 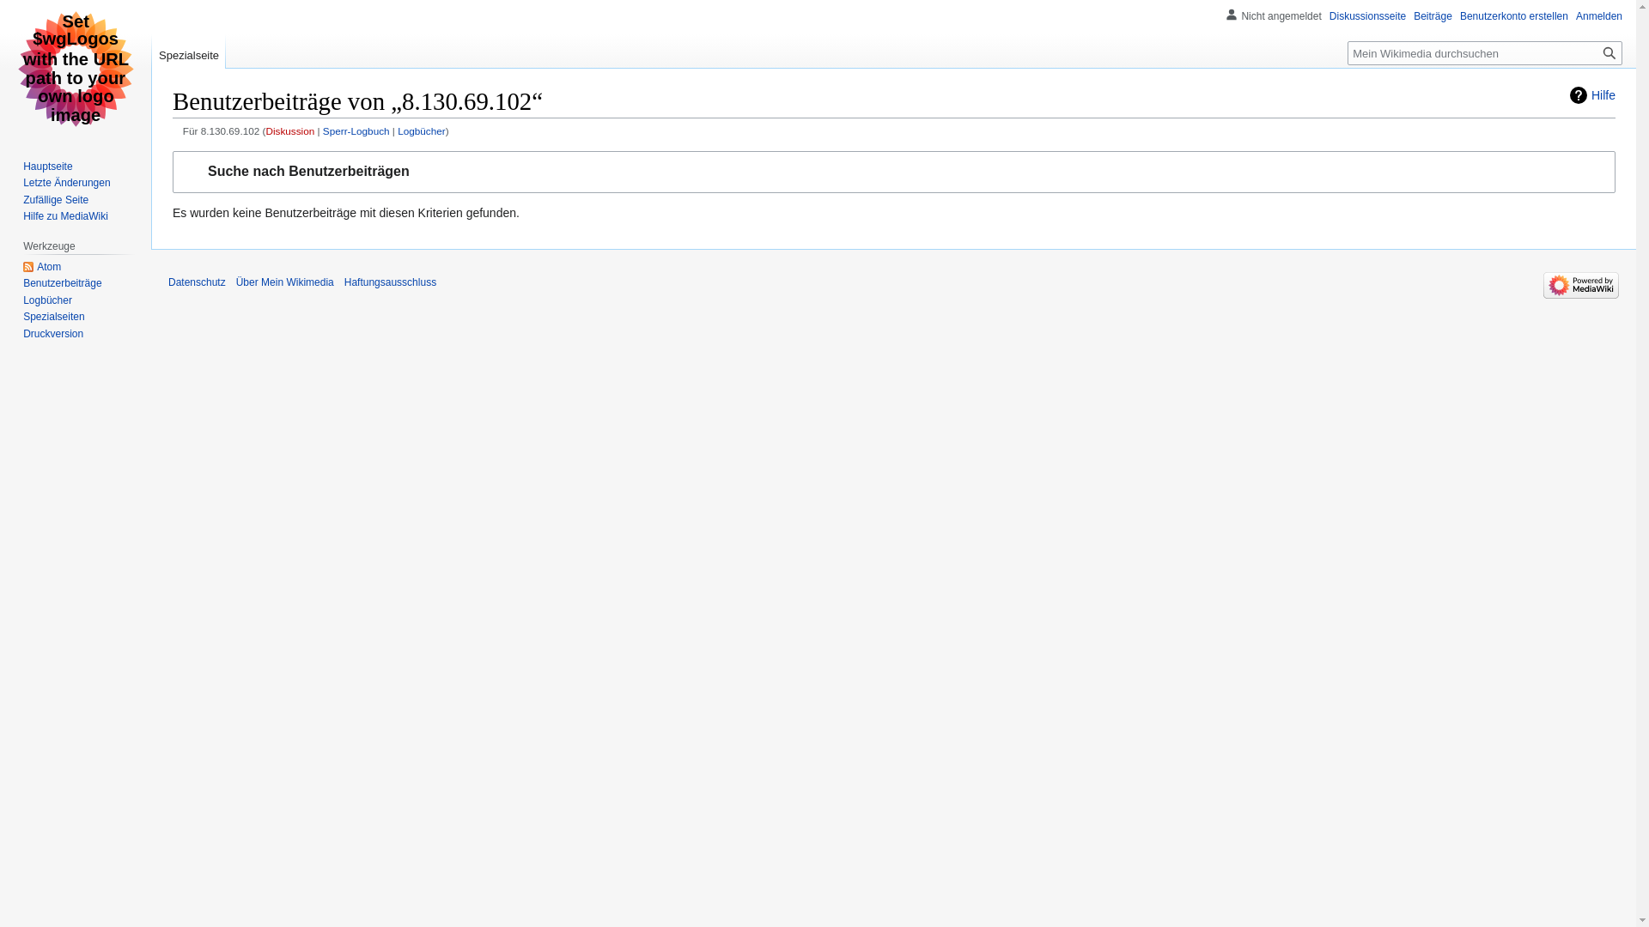 I want to click on 'Haftungsausschluss', so click(x=389, y=281).